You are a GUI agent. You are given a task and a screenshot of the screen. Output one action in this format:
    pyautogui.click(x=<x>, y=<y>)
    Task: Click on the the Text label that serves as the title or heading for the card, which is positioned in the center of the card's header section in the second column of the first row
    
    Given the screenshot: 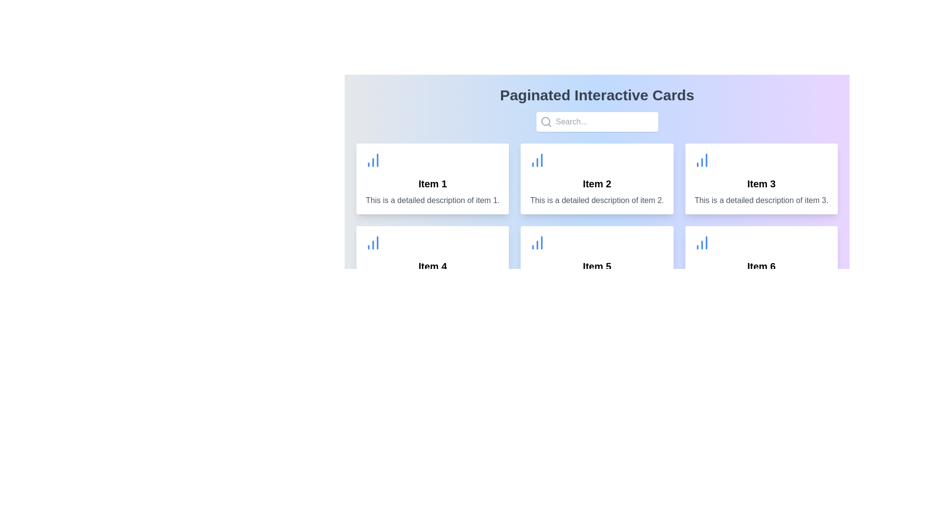 What is the action you would take?
    pyautogui.click(x=596, y=184)
    